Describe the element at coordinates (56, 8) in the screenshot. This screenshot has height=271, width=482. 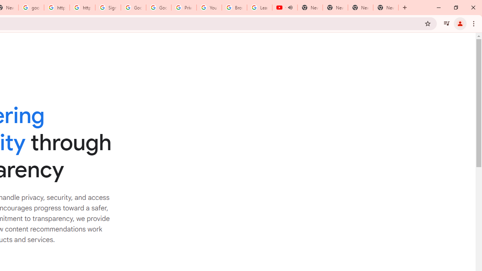
I see `'https://scholar.google.com/'` at that location.